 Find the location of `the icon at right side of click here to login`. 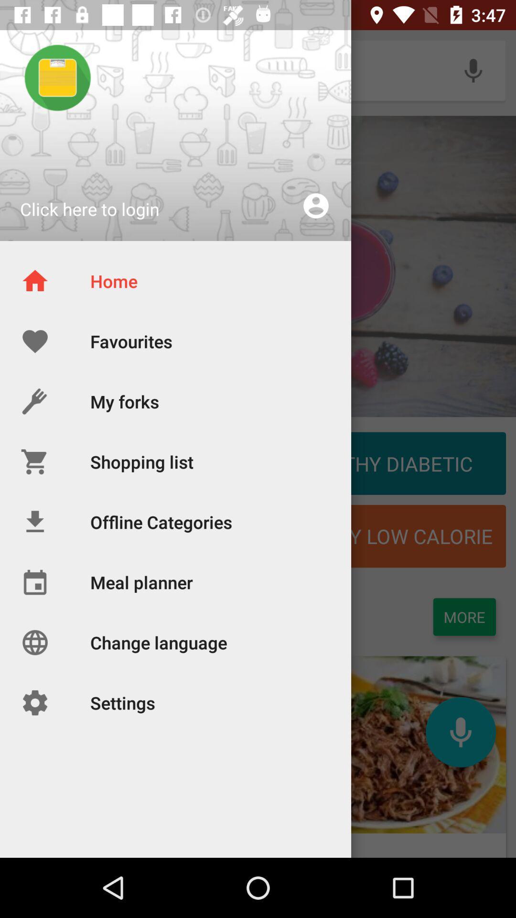

the icon at right side of click here to login is located at coordinates (316, 205).